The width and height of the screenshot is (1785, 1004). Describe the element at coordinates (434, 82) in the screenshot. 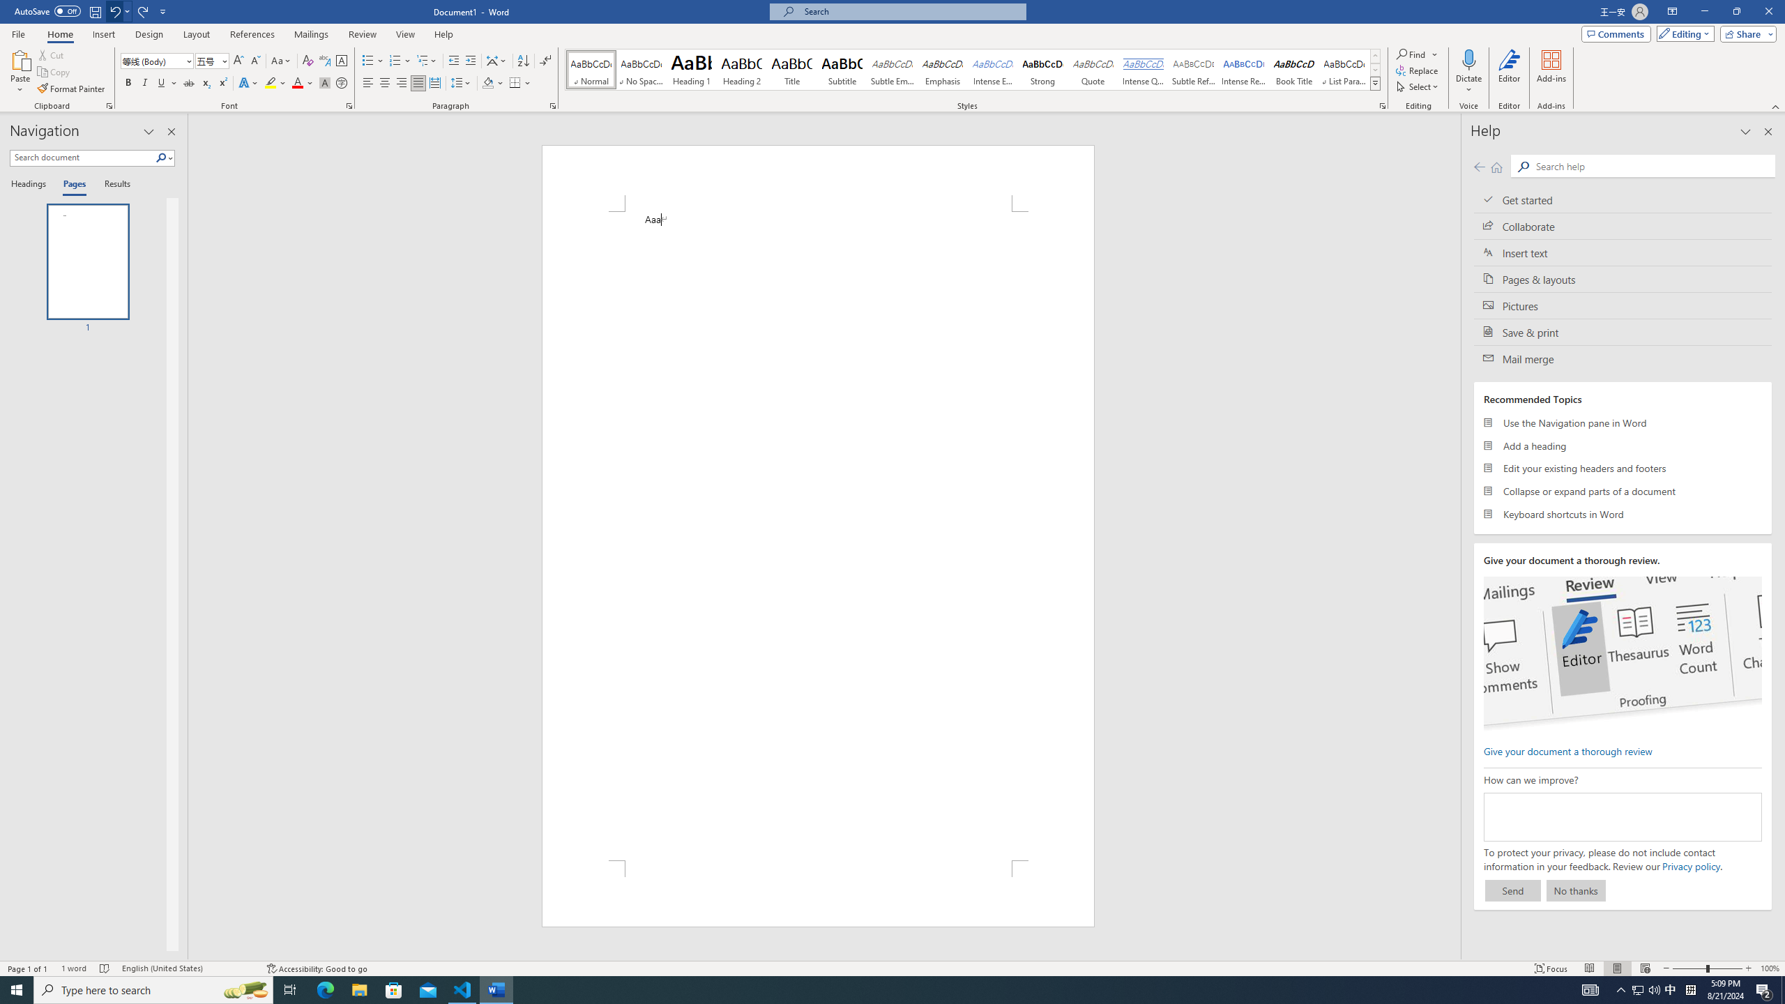

I see `'Distributed'` at that location.